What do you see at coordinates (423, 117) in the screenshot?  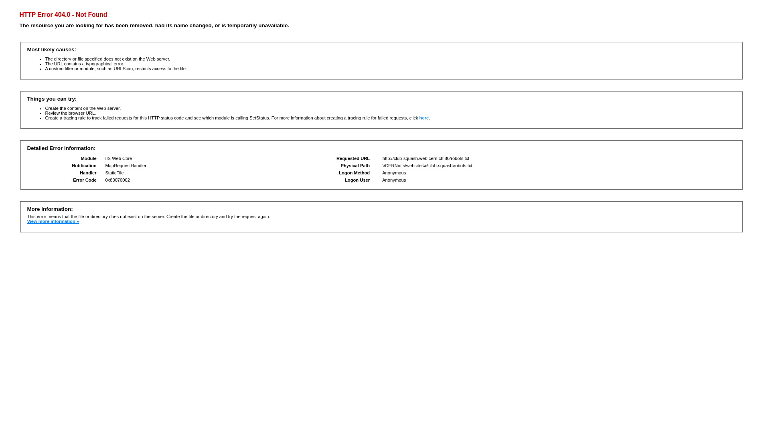 I see `'here'` at bounding box center [423, 117].